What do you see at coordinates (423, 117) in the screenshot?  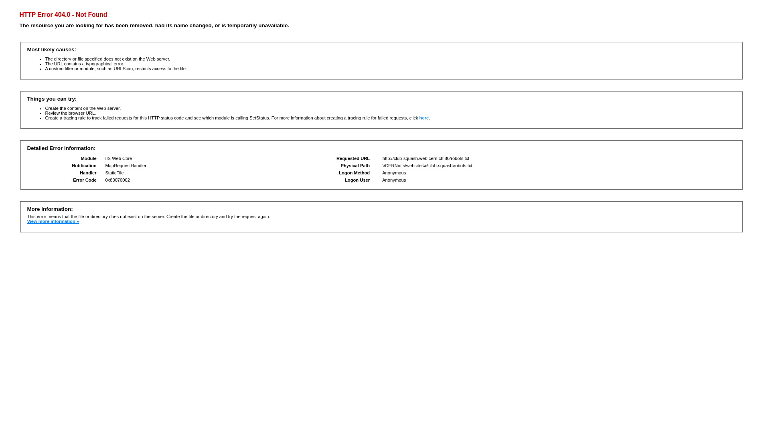 I see `'here'` at bounding box center [423, 117].